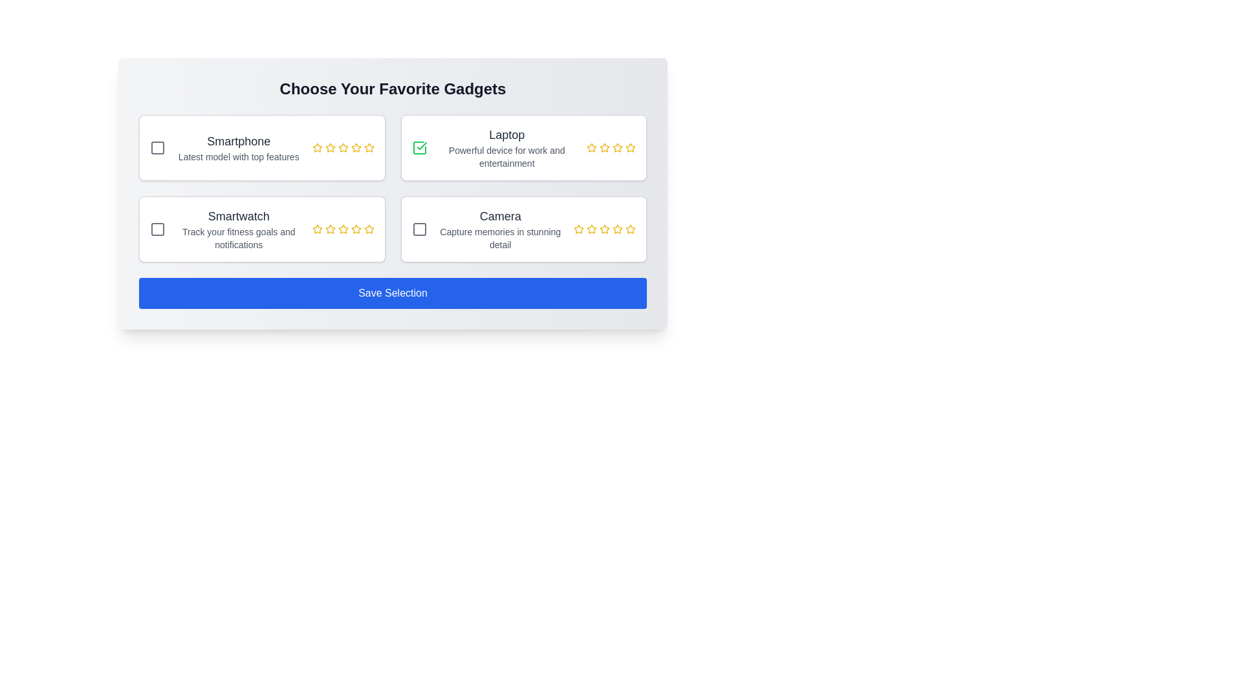  What do you see at coordinates (330, 147) in the screenshot?
I see `the second yellow star-shaped icon in the rating section for the 'Smartphone' option` at bounding box center [330, 147].